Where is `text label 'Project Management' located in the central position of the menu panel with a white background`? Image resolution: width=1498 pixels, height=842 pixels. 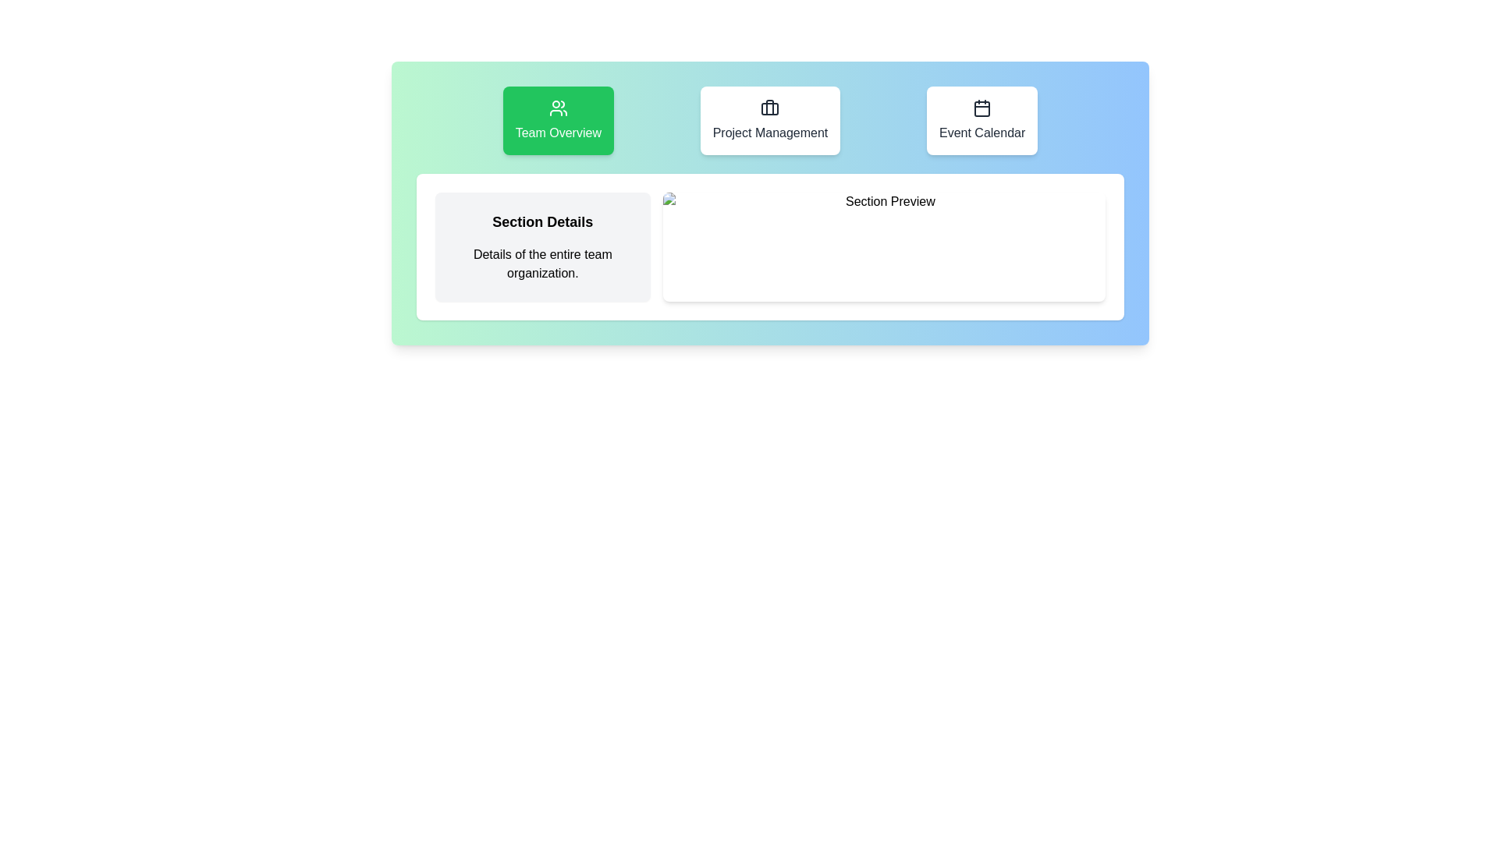 text label 'Project Management' located in the central position of the menu panel with a white background is located at coordinates (770, 132).